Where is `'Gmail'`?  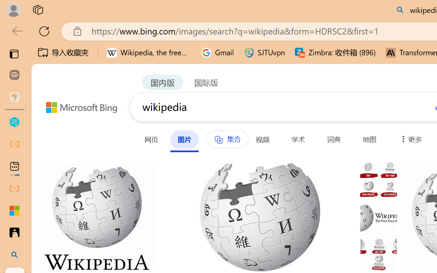 'Gmail' is located at coordinates (217, 53).